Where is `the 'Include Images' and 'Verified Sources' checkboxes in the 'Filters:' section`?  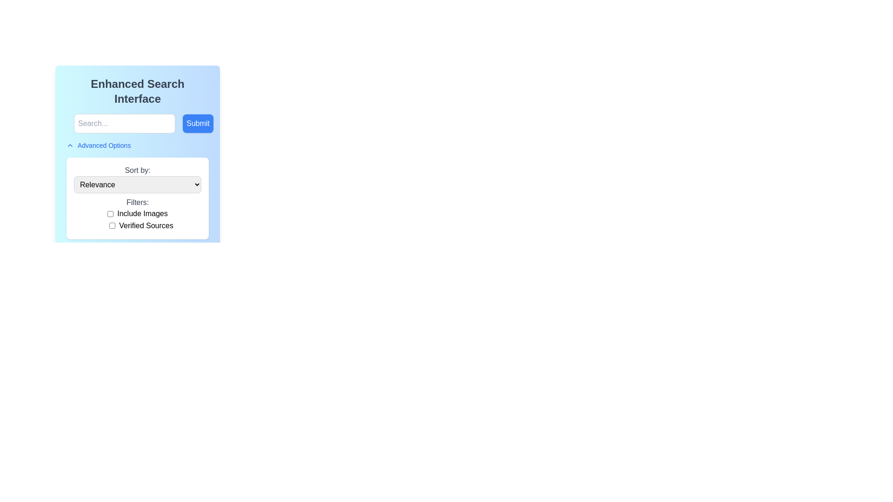
the 'Include Images' and 'Verified Sources' checkboxes in the 'Filters:' section is located at coordinates (137, 220).